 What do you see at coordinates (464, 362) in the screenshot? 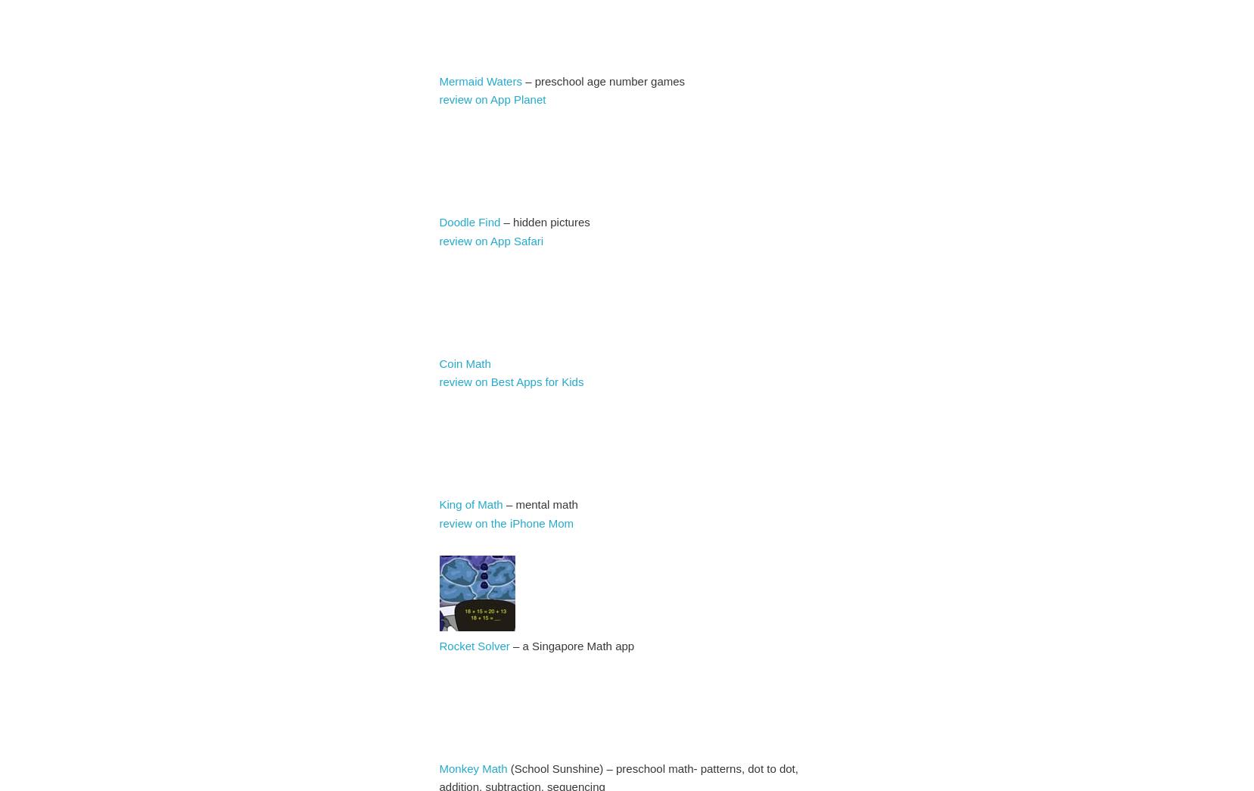
I see `'Coin Math'` at bounding box center [464, 362].